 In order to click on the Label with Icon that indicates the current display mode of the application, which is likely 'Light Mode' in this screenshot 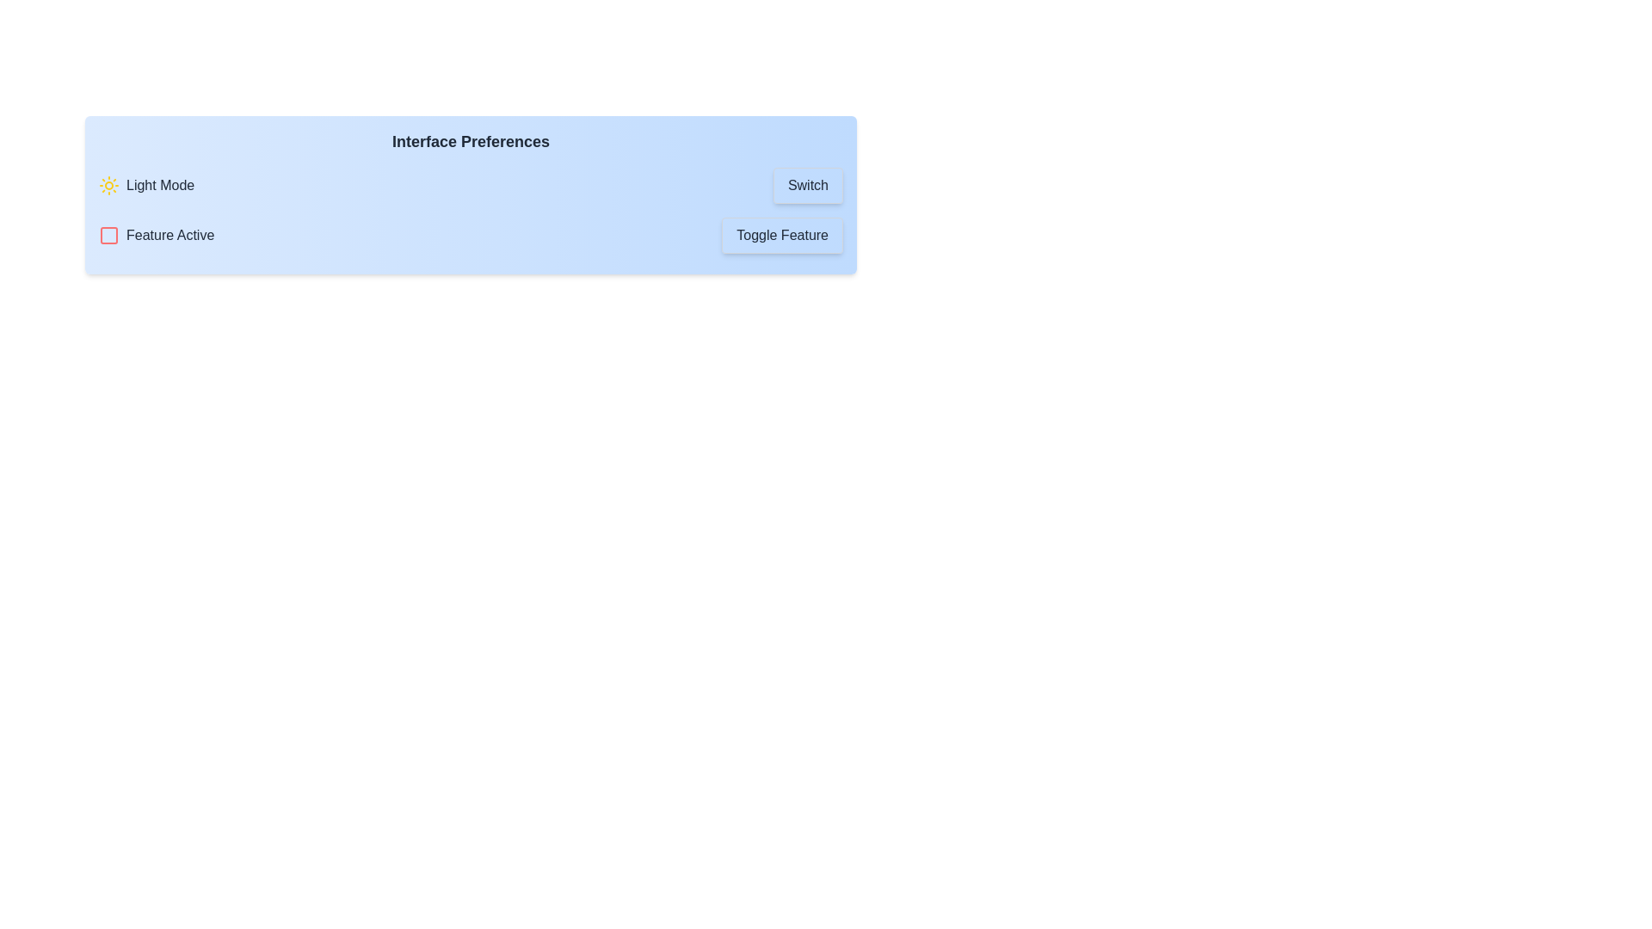, I will do `click(146, 186)`.